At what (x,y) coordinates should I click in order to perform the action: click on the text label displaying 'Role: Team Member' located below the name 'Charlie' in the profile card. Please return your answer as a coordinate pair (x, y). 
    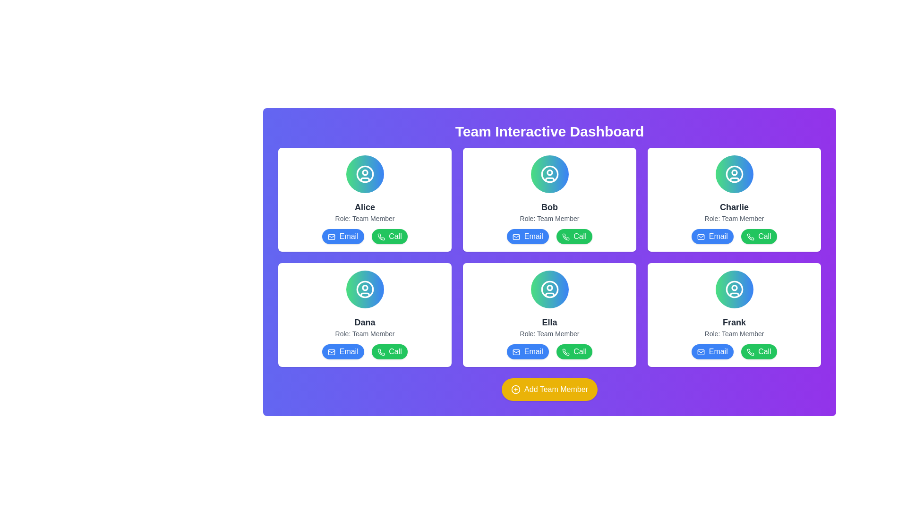
    Looking at the image, I should click on (734, 218).